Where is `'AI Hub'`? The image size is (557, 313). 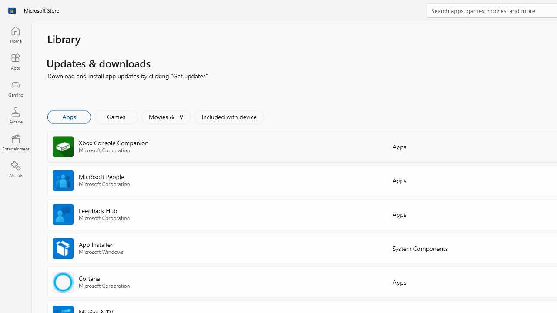 'AI Hub' is located at coordinates (15, 170).